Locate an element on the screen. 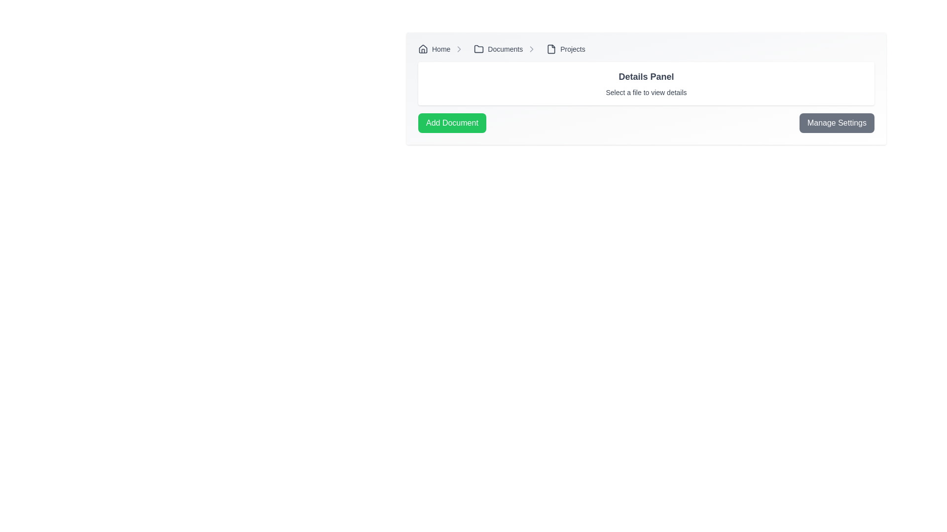  the small file icon with a folded corner located to the left of the 'Projects' label in the breadcrumb navigation bar is located at coordinates (551, 49).